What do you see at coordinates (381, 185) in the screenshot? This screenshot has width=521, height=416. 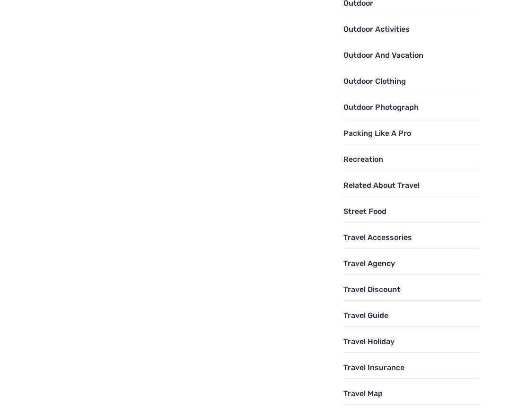 I see `'Related About Travel'` at bounding box center [381, 185].